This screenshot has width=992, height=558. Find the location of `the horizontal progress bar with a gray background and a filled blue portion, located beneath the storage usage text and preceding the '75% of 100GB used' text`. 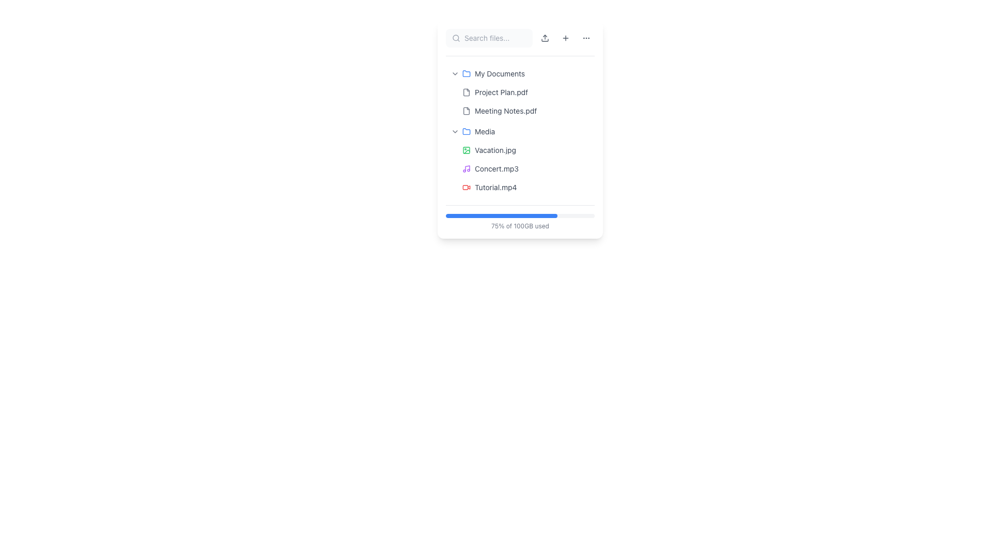

the horizontal progress bar with a gray background and a filled blue portion, located beneath the storage usage text and preceding the '75% of 100GB used' text is located at coordinates (520, 215).